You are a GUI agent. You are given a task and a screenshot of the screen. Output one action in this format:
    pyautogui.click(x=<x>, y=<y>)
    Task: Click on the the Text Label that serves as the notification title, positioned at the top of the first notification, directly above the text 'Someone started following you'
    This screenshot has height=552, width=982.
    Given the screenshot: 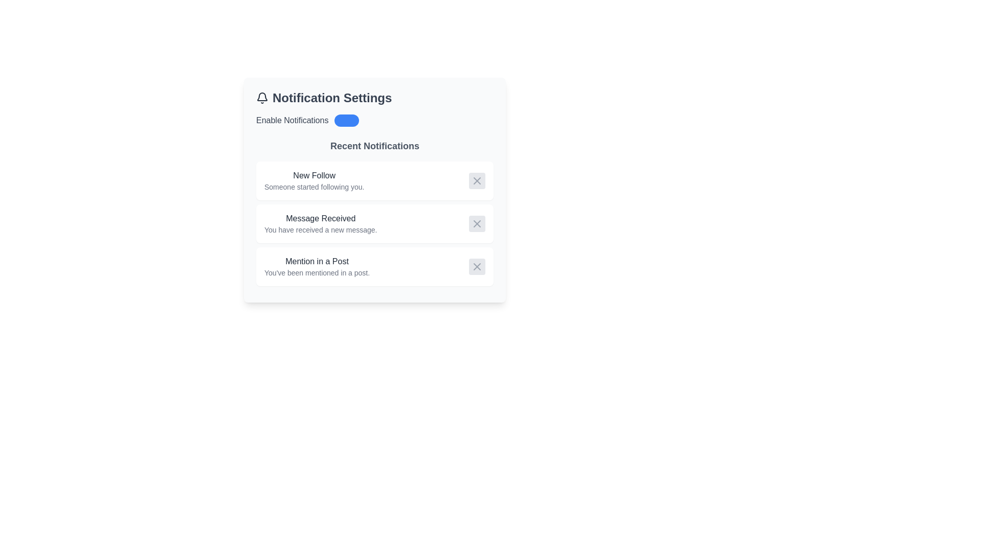 What is the action you would take?
    pyautogui.click(x=314, y=175)
    